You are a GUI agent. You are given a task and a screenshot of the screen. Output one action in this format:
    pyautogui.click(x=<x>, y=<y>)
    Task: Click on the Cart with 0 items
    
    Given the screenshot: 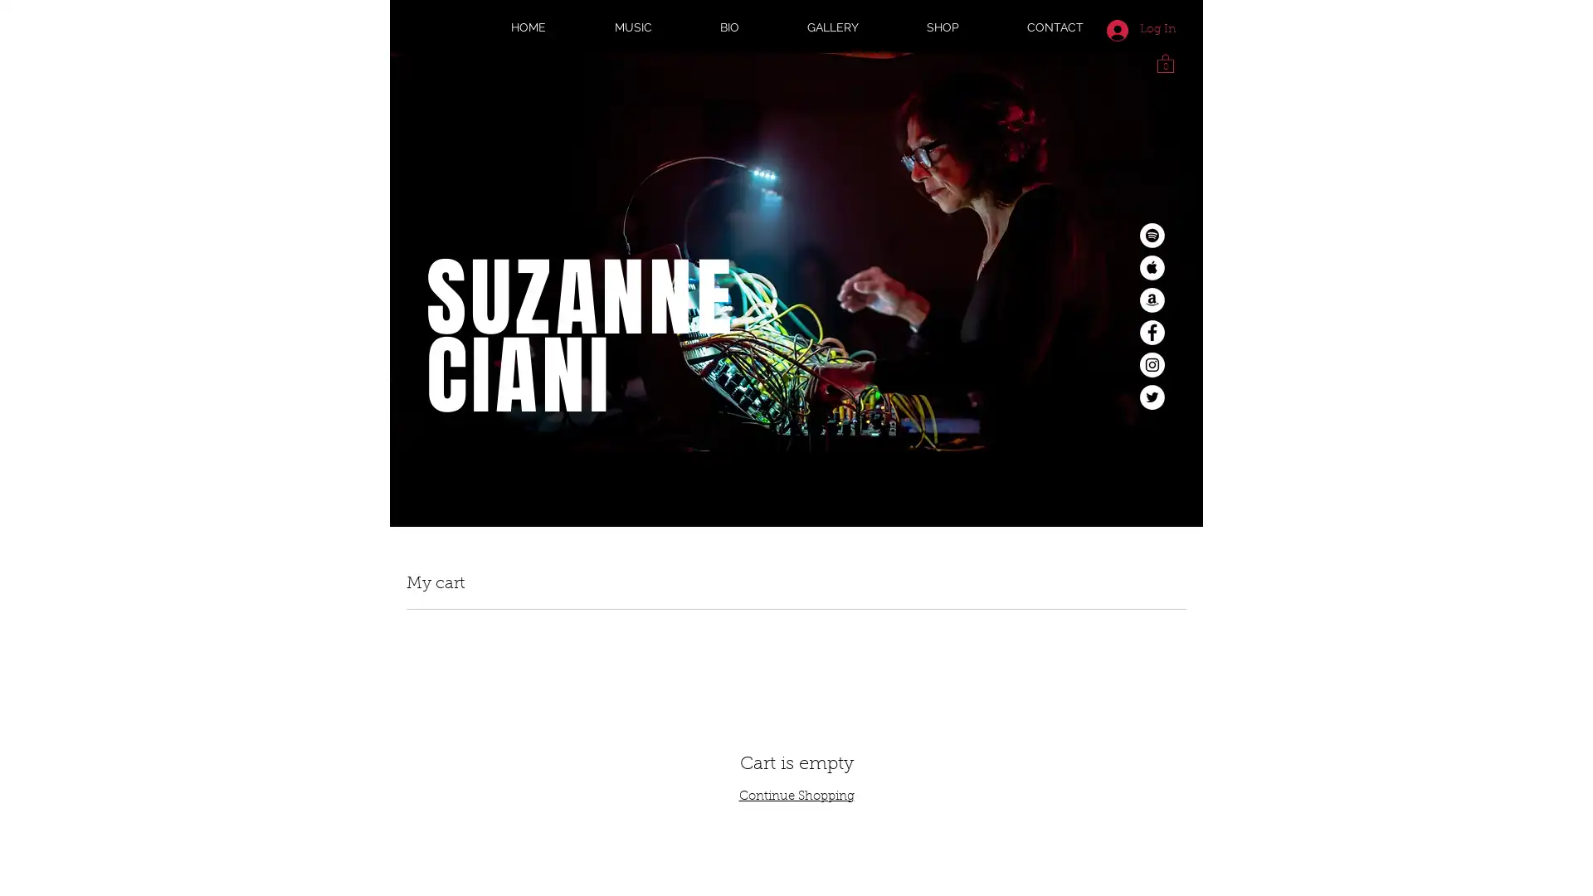 What is the action you would take?
    pyautogui.click(x=1165, y=61)
    